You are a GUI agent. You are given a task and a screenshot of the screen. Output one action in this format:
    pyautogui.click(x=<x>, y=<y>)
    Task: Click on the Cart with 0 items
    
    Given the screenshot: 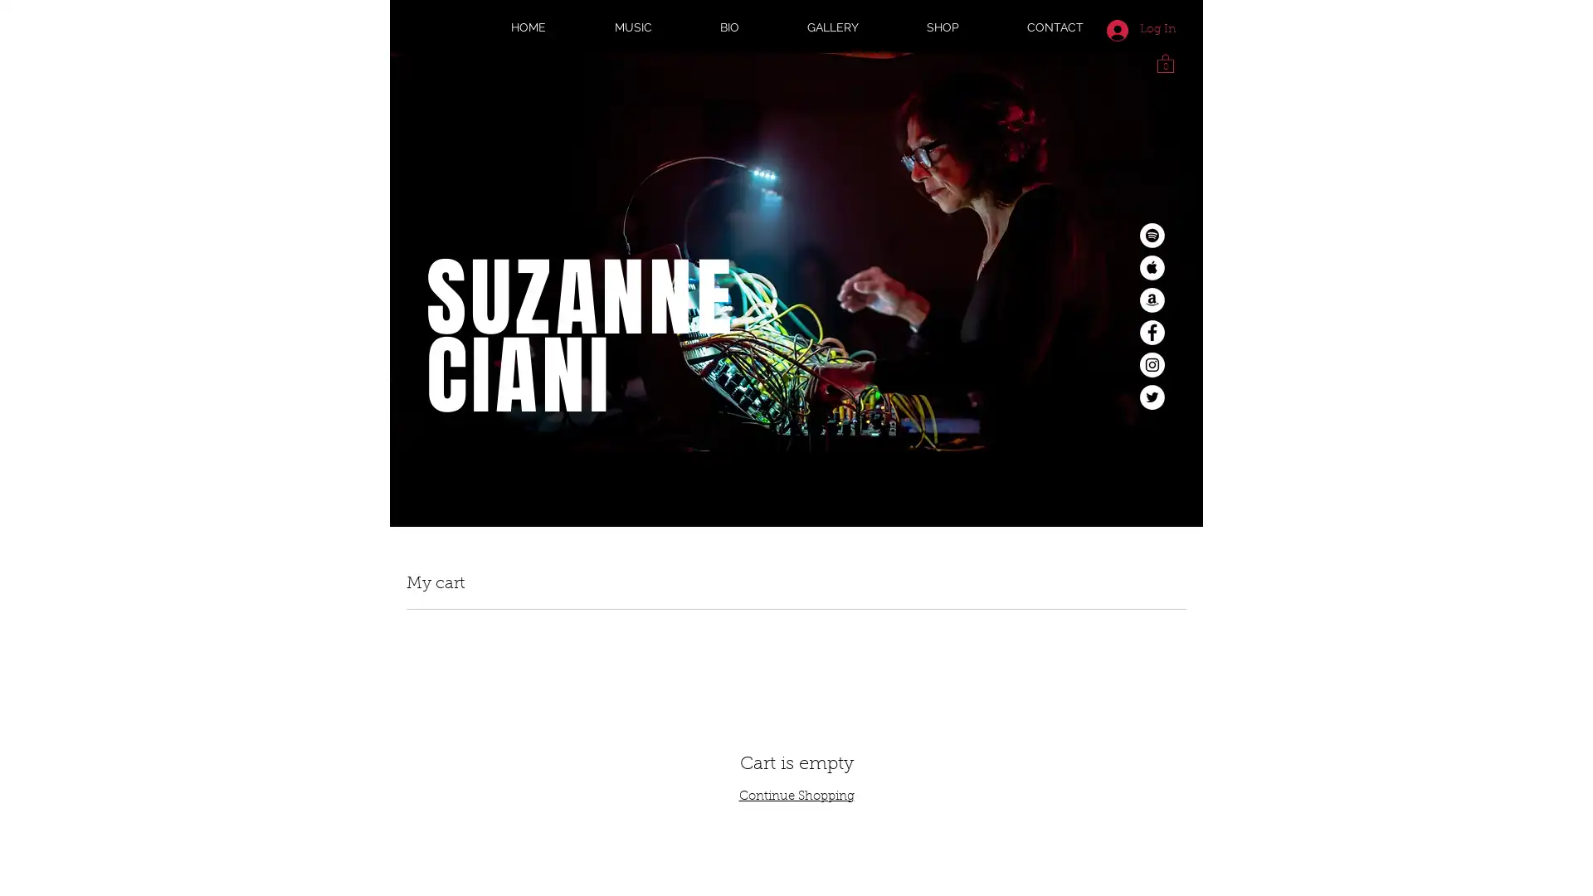 What is the action you would take?
    pyautogui.click(x=1165, y=61)
    